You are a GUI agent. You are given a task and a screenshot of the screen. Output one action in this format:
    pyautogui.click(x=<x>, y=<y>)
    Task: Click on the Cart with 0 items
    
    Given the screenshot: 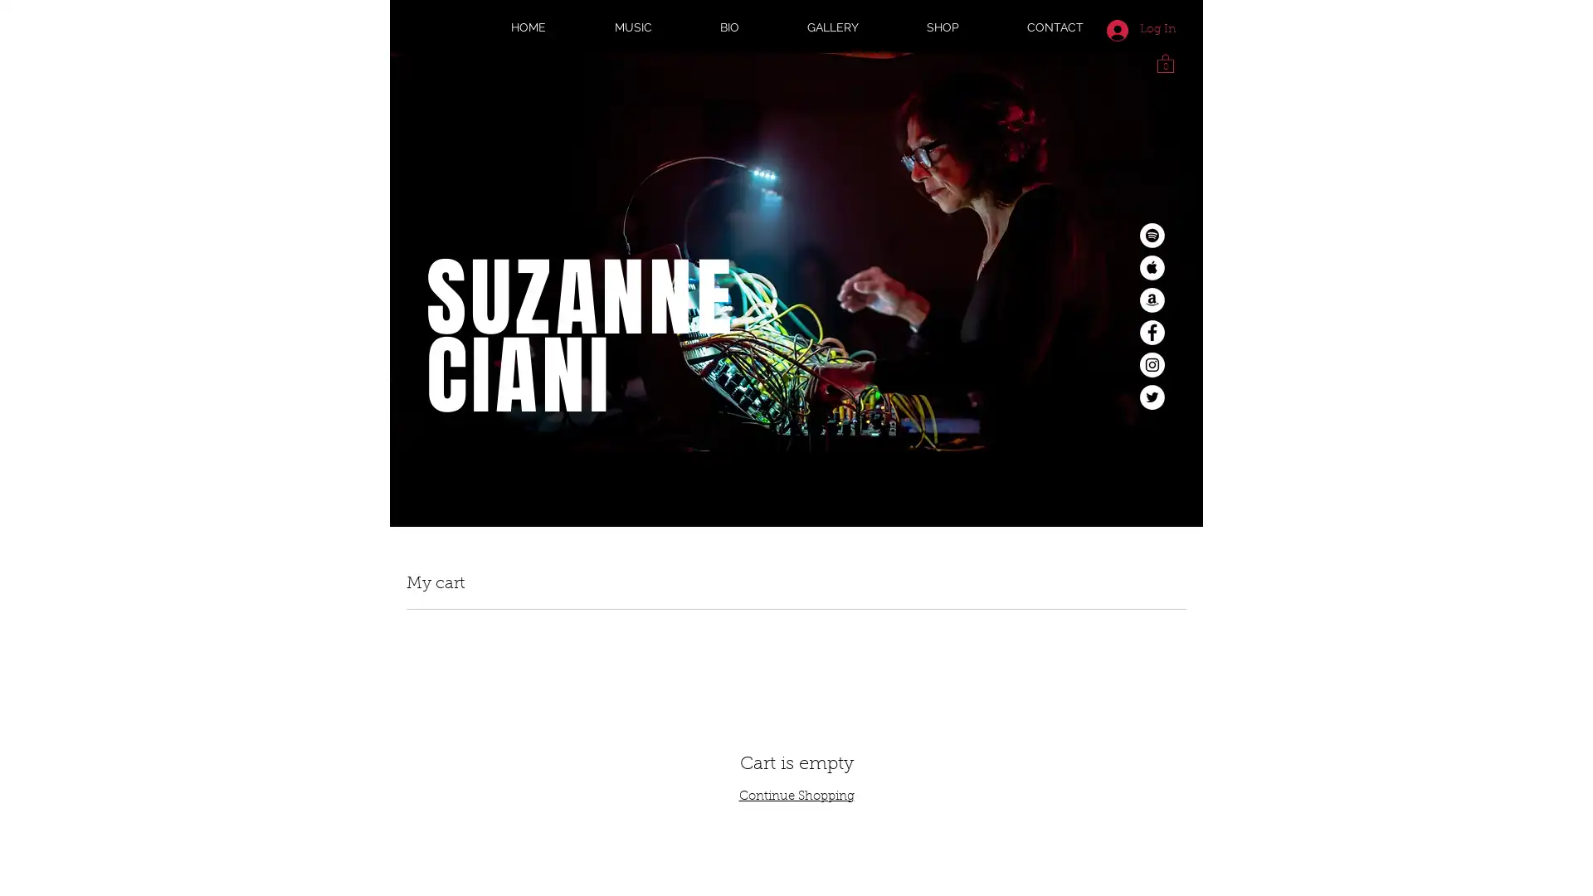 What is the action you would take?
    pyautogui.click(x=1165, y=61)
    